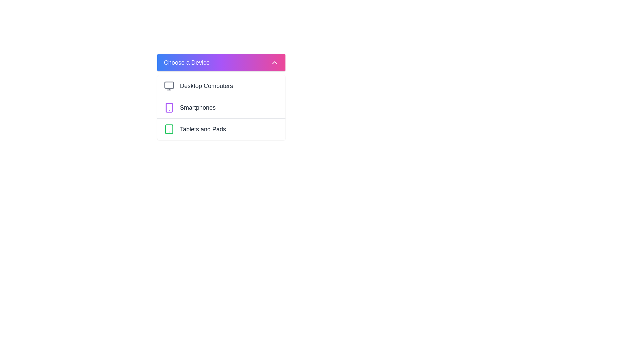  What do you see at coordinates (169, 129) in the screenshot?
I see `the decorative graphic in the 'Tablets and Pads' icon, located in the third row under 'Choose a Device.'` at bounding box center [169, 129].